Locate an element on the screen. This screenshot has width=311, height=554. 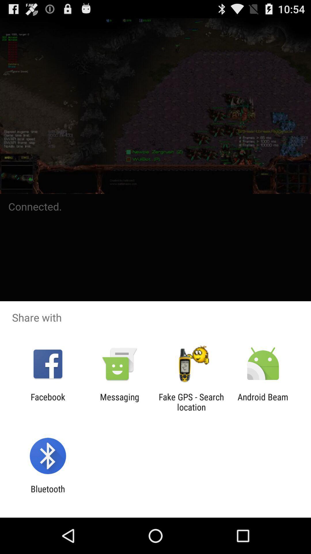
android beam app is located at coordinates (263, 402).